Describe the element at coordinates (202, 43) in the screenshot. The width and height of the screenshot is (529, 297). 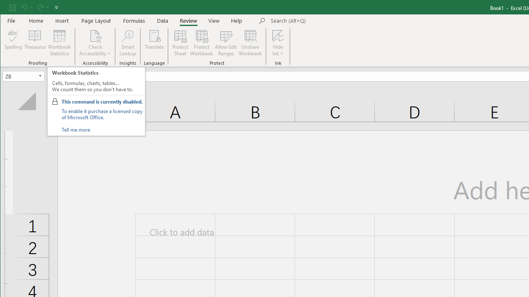
I see `'Protect Workbook...'` at that location.